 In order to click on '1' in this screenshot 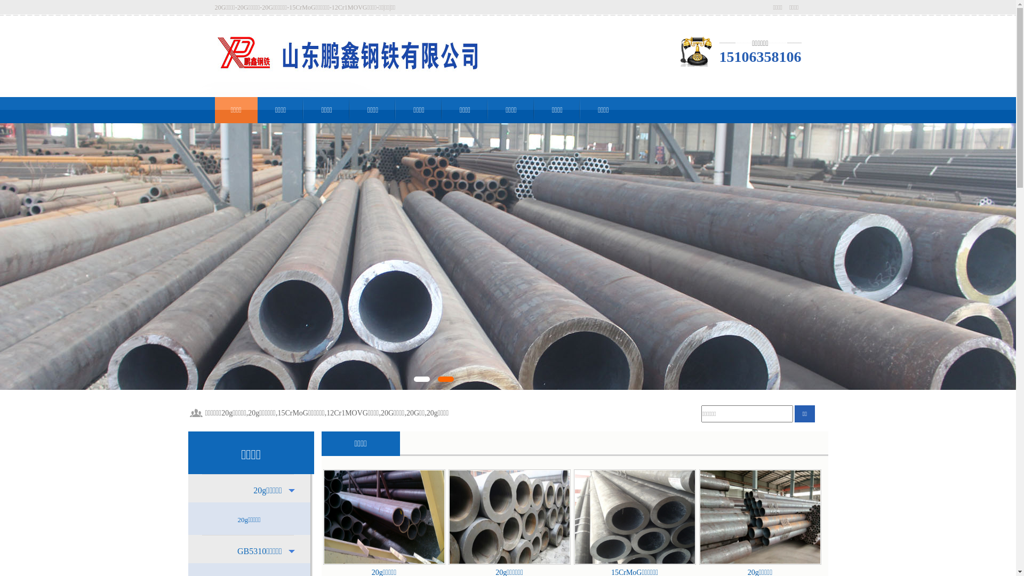, I will do `click(413, 378)`.